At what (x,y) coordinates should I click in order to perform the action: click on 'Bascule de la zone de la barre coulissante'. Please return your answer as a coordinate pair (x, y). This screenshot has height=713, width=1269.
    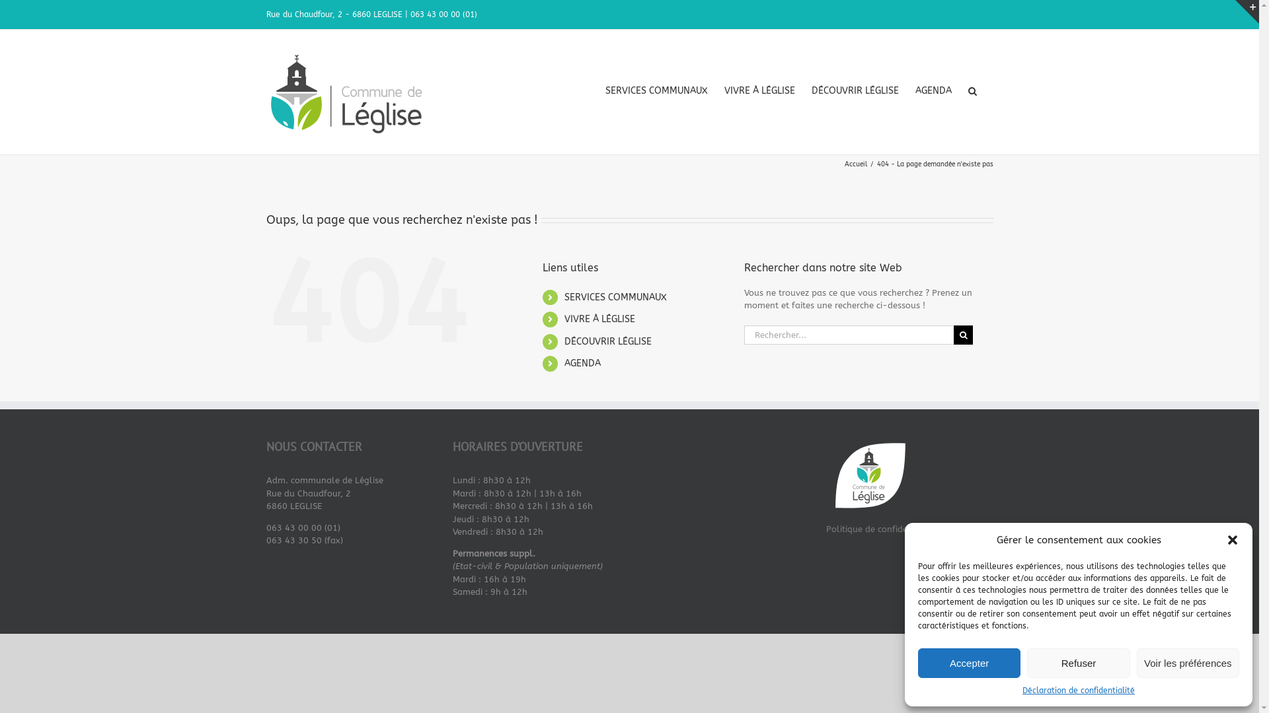
    Looking at the image, I should click on (1246, 12).